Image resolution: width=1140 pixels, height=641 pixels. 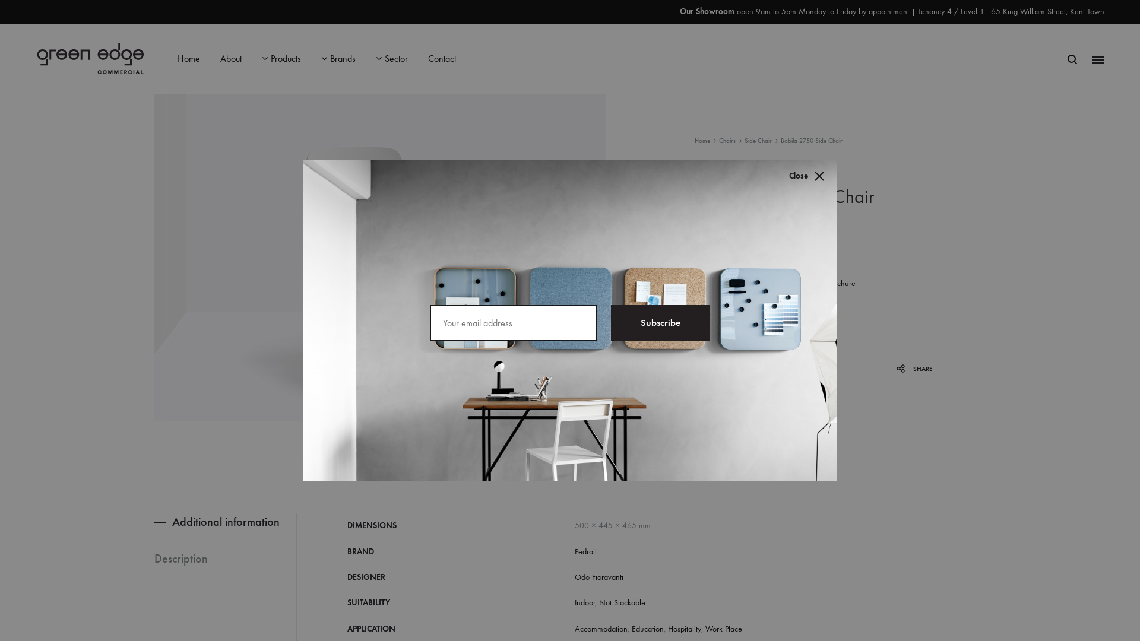 What do you see at coordinates (598, 602) in the screenshot?
I see `'Not Stackable'` at bounding box center [598, 602].